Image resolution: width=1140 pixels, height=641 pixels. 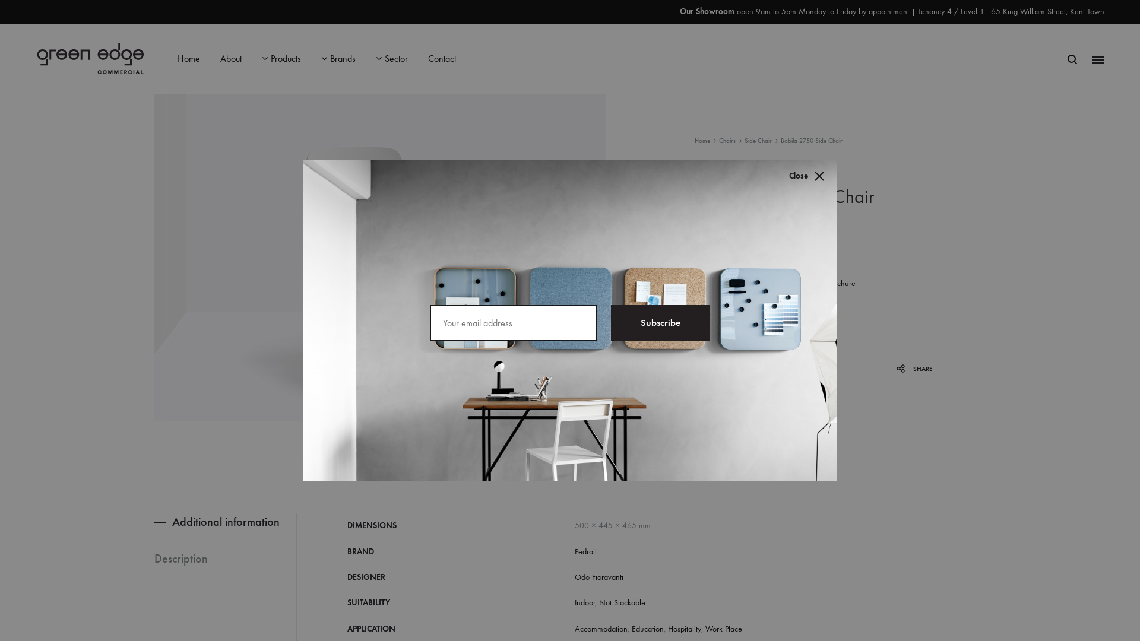 What do you see at coordinates (598, 602) in the screenshot?
I see `'Not Stackable'` at bounding box center [598, 602].